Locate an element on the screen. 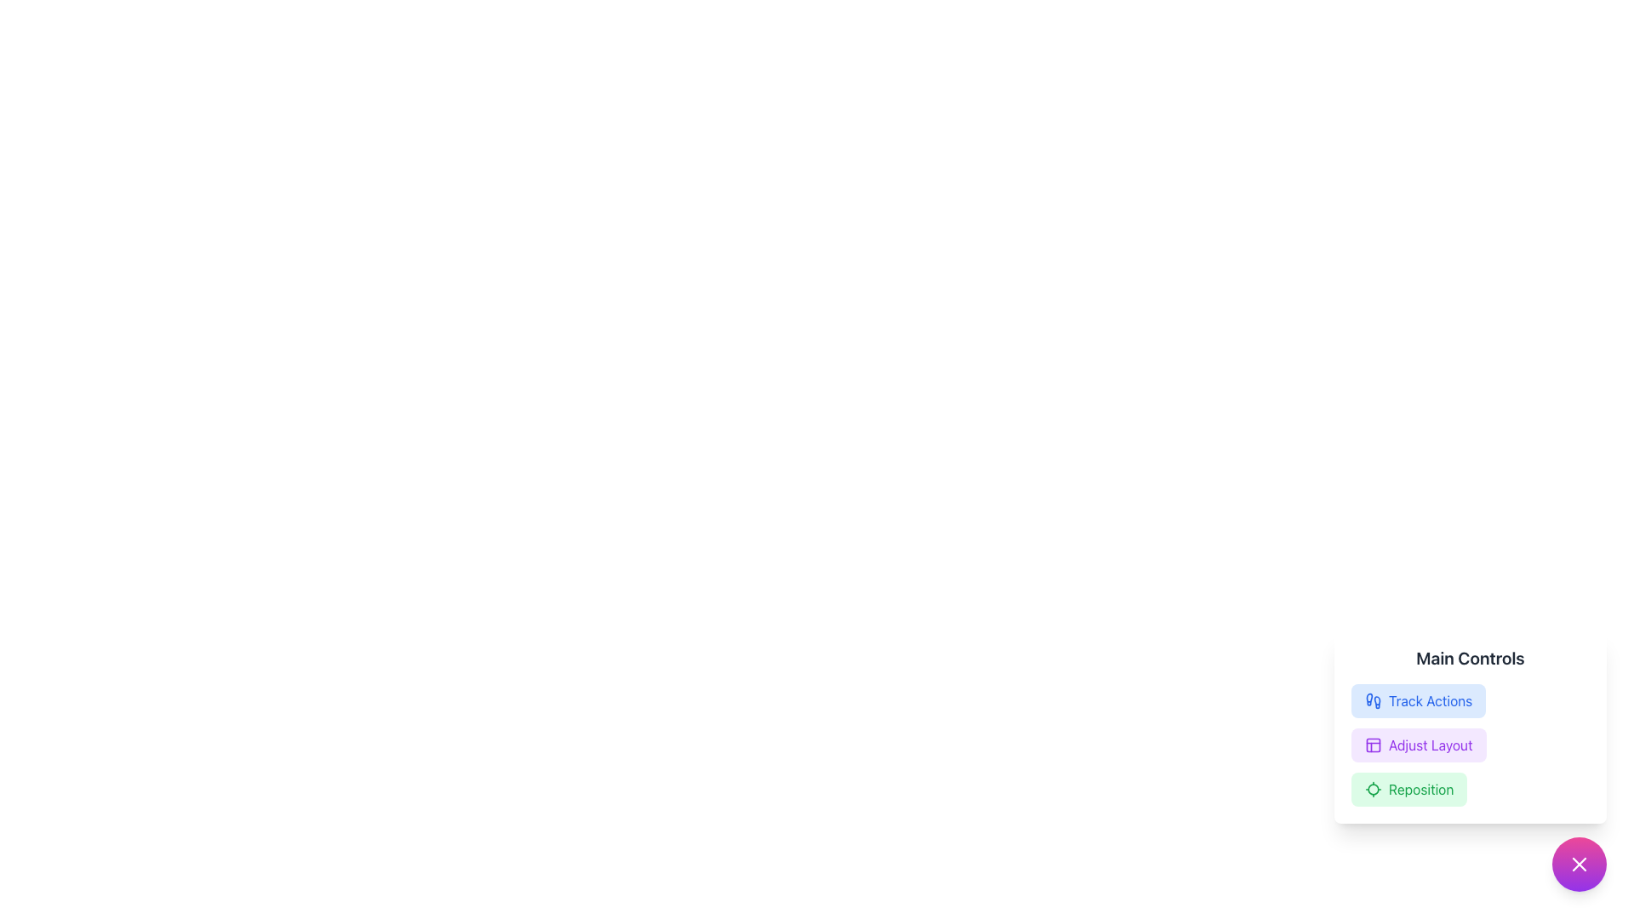 The image size is (1634, 919). the 'Reposition' button, which has a green background, rounded corners, and an icon of a scope or crosshair on the left, located in the bottom right area of the interface under the 'Main Controls' section is located at coordinates (1409, 790).